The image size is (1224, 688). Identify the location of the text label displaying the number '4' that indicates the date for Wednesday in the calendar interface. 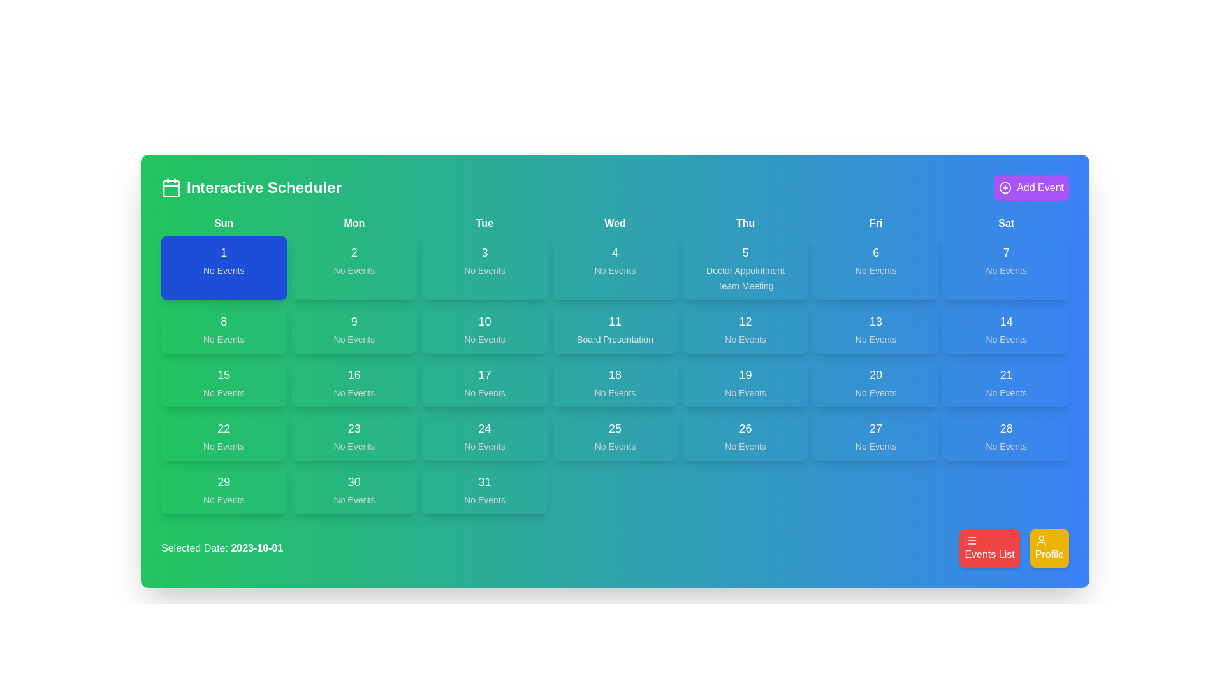
(615, 253).